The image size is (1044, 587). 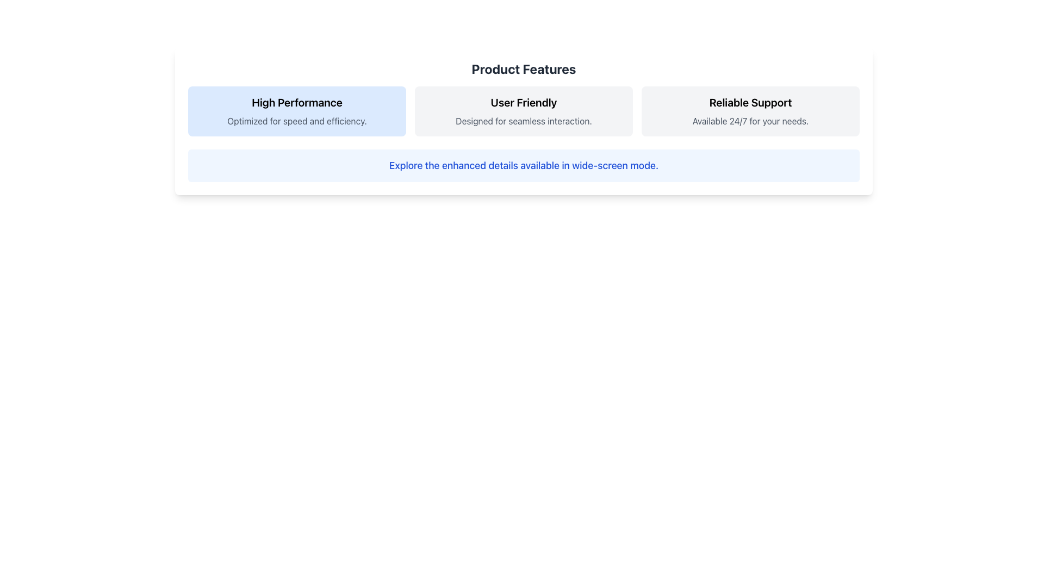 I want to click on the informational Text Label that provides details about 'Reliable Support' located in the third column of the layout, so click(x=750, y=121).